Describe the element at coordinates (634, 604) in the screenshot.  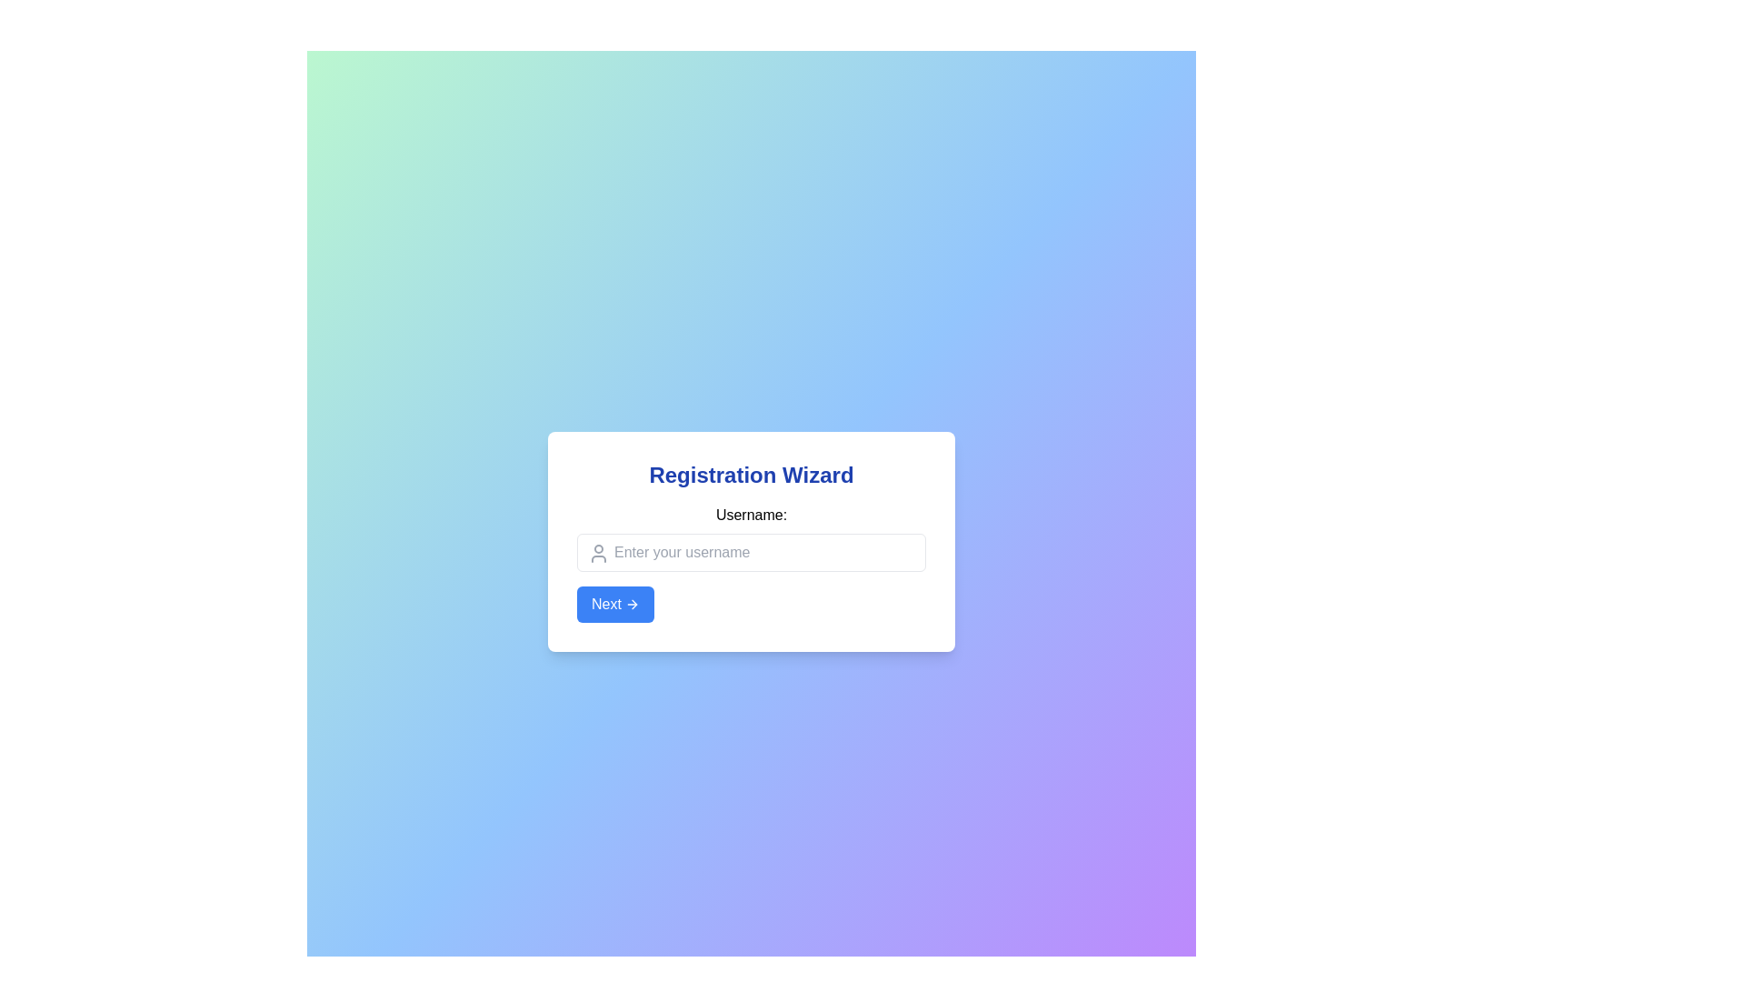
I see `the 'Next' button icon that signifies the 'Next' action, located to the right of the button's text` at that location.